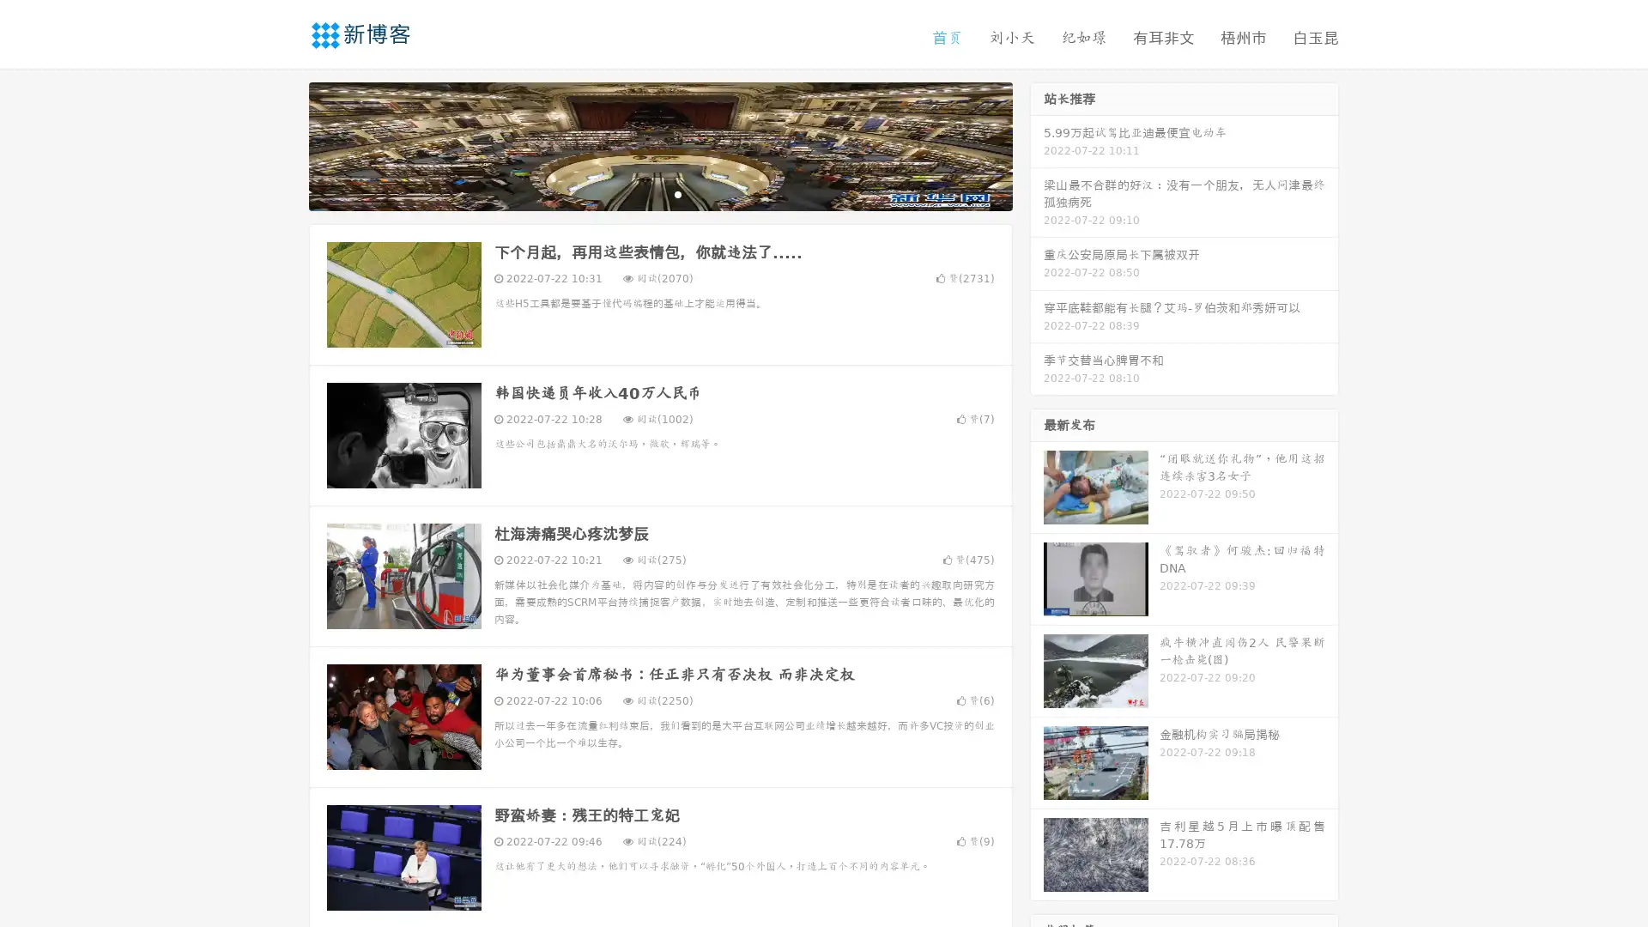 This screenshot has height=927, width=1648. What do you see at coordinates (677, 193) in the screenshot?
I see `Go to slide 3` at bounding box center [677, 193].